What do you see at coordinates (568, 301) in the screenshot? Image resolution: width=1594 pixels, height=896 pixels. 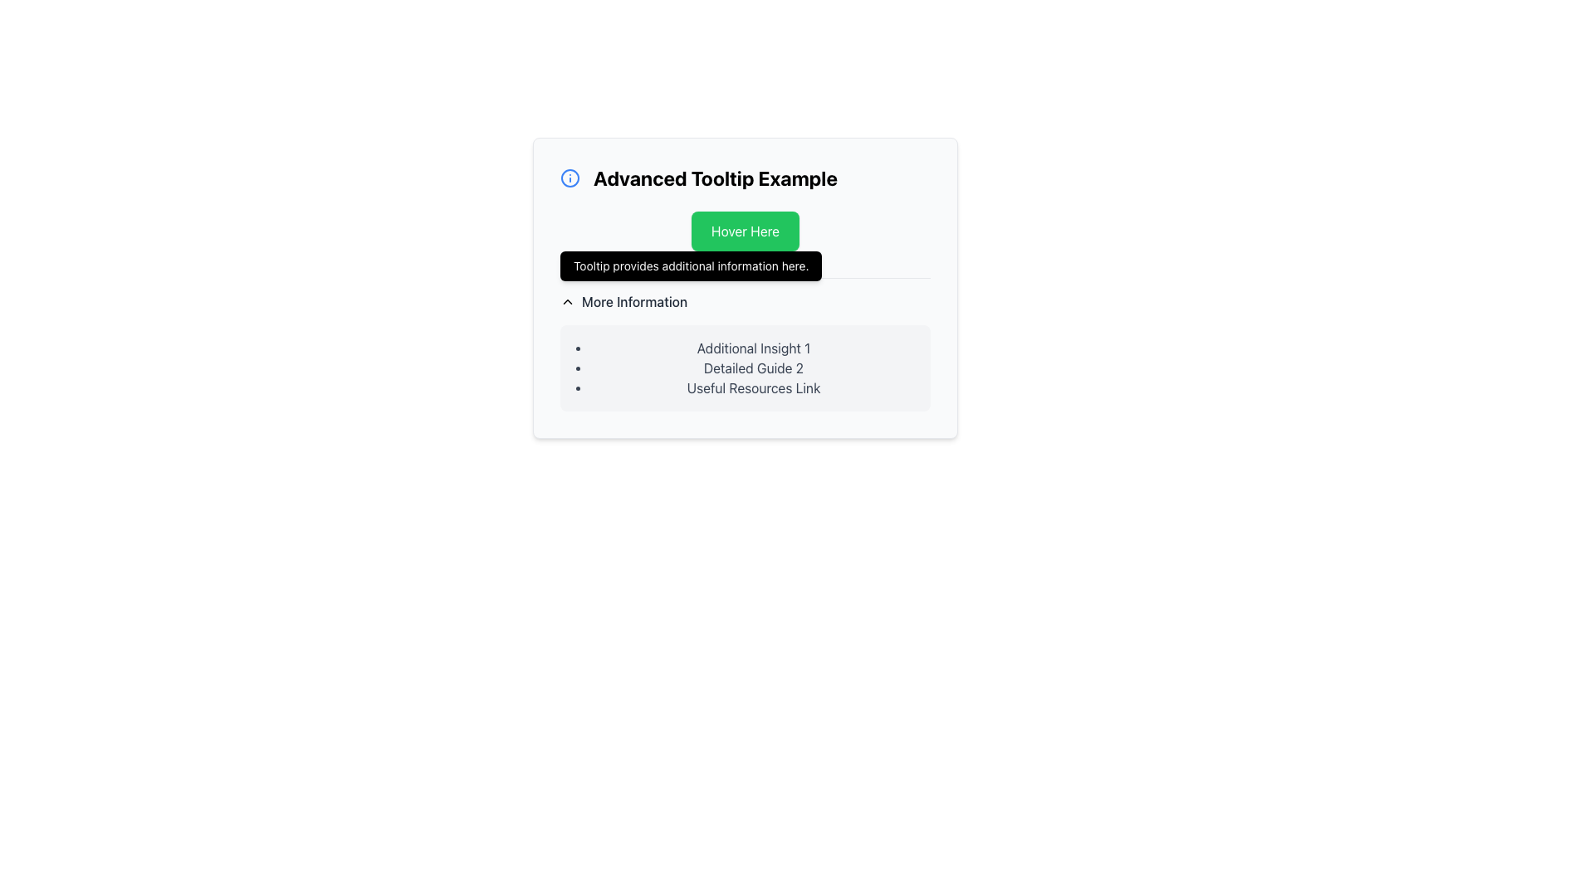 I see `the chevron icon` at bounding box center [568, 301].